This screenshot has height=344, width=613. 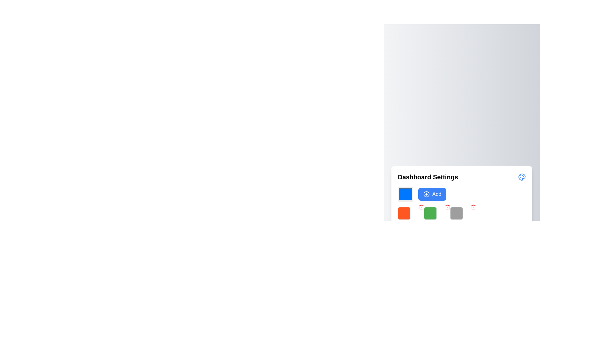 I want to click on the delete button located at the top-right corner of the green square component in the dashboard settings, so click(x=447, y=207).